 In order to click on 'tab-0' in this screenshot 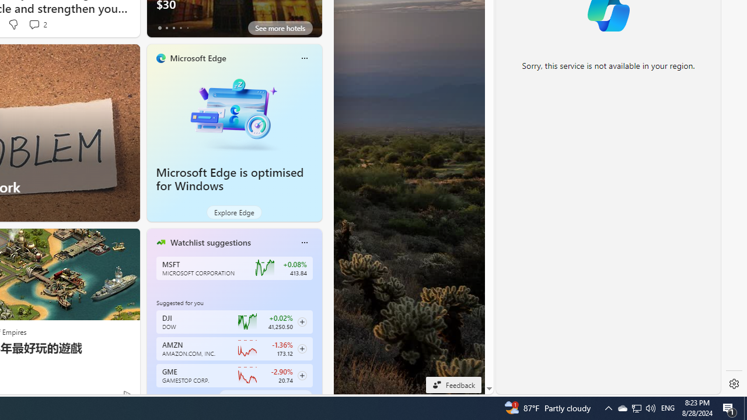, I will do `click(159, 396)`.